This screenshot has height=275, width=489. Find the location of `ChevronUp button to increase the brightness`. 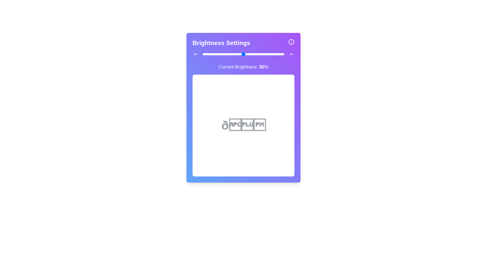

ChevronUp button to increase the brightness is located at coordinates (291, 54).